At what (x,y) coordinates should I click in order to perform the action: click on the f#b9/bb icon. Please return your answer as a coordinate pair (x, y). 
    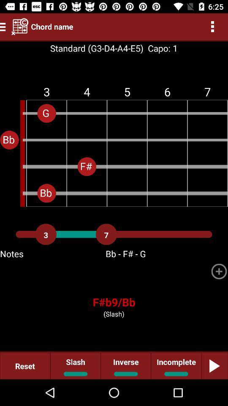
    Looking at the image, I should click on (114, 302).